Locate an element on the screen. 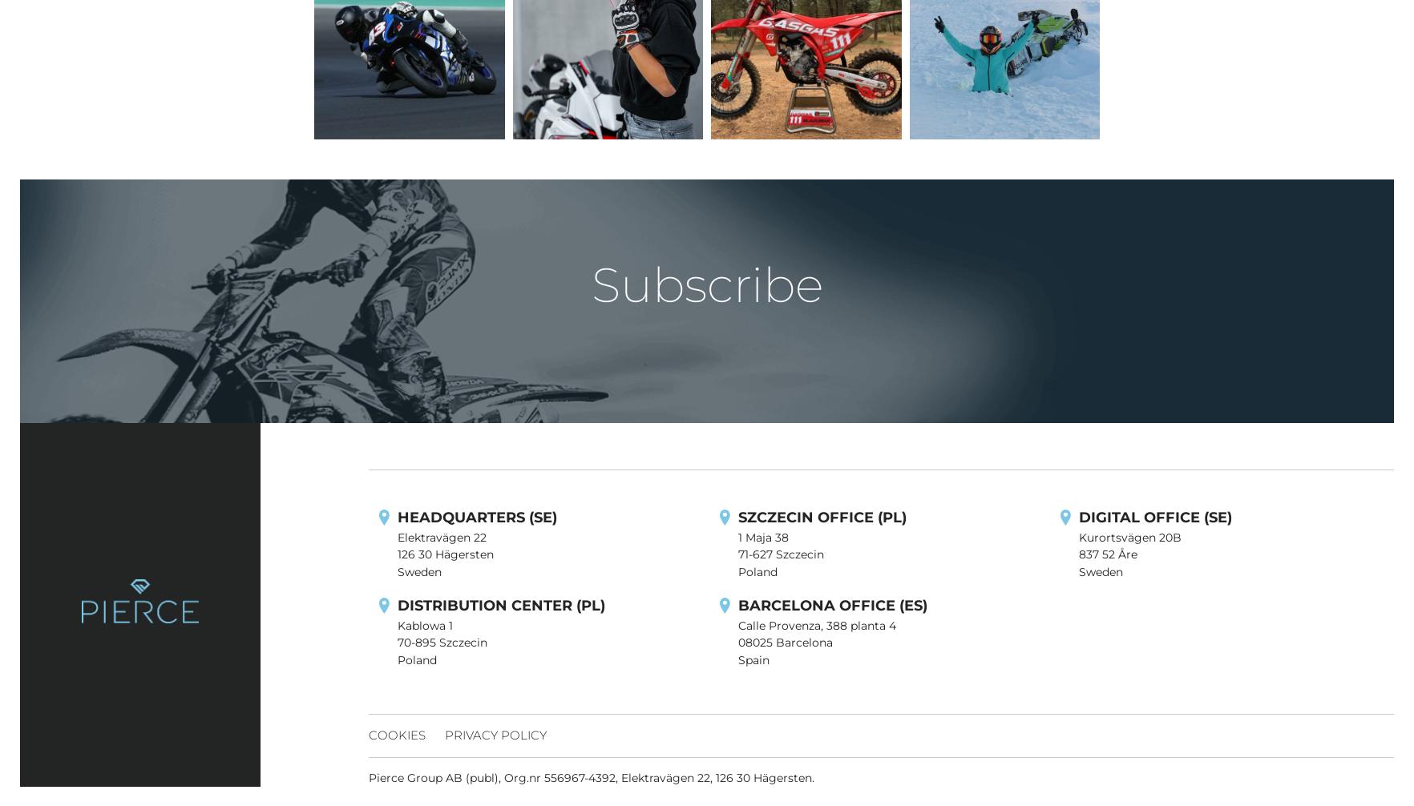  'Subscribe' is located at coordinates (706, 284).